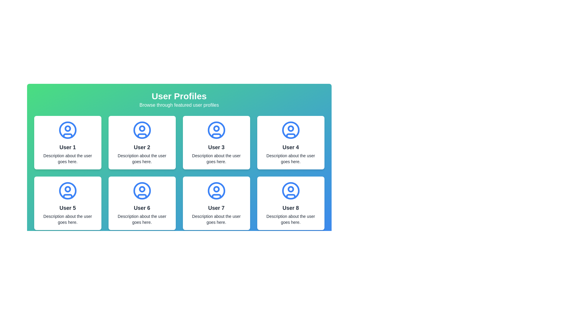 Image resolution: width=571 pixels, height=321 pixels. I want to click on the text displaying 'User 4' located in the fourth profile card, so click(291, 147).